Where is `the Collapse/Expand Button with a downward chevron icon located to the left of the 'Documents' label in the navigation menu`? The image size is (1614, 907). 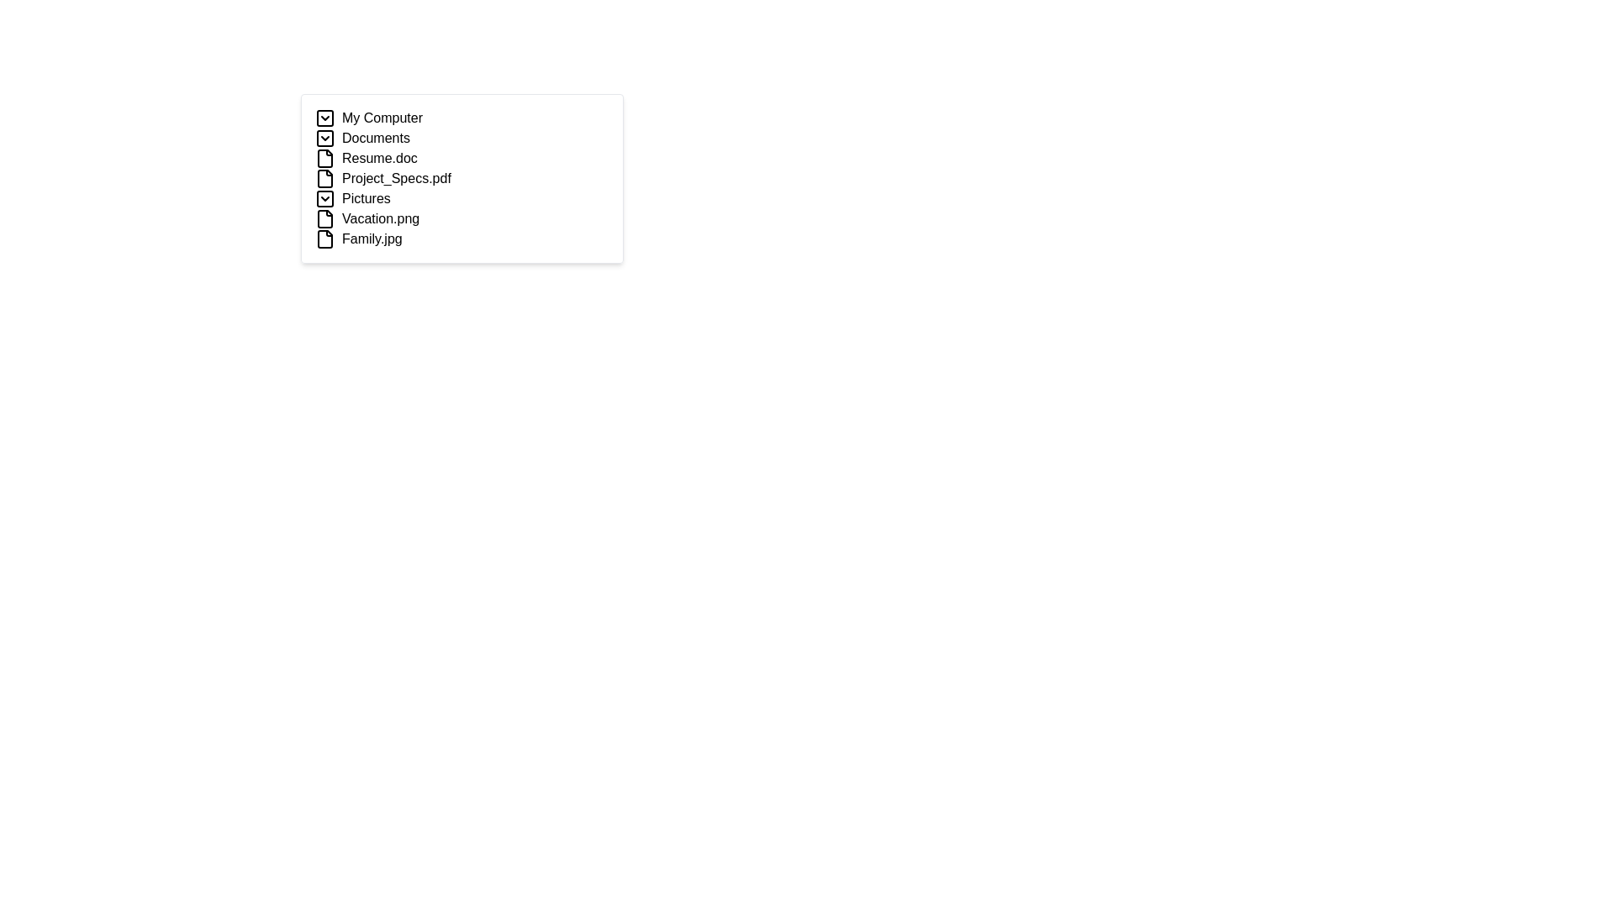
the Collapse/Expand Button with a downward chevron icon located to the left of the 'Documents' label in the navigation menu is located at coordinates (325, 138).